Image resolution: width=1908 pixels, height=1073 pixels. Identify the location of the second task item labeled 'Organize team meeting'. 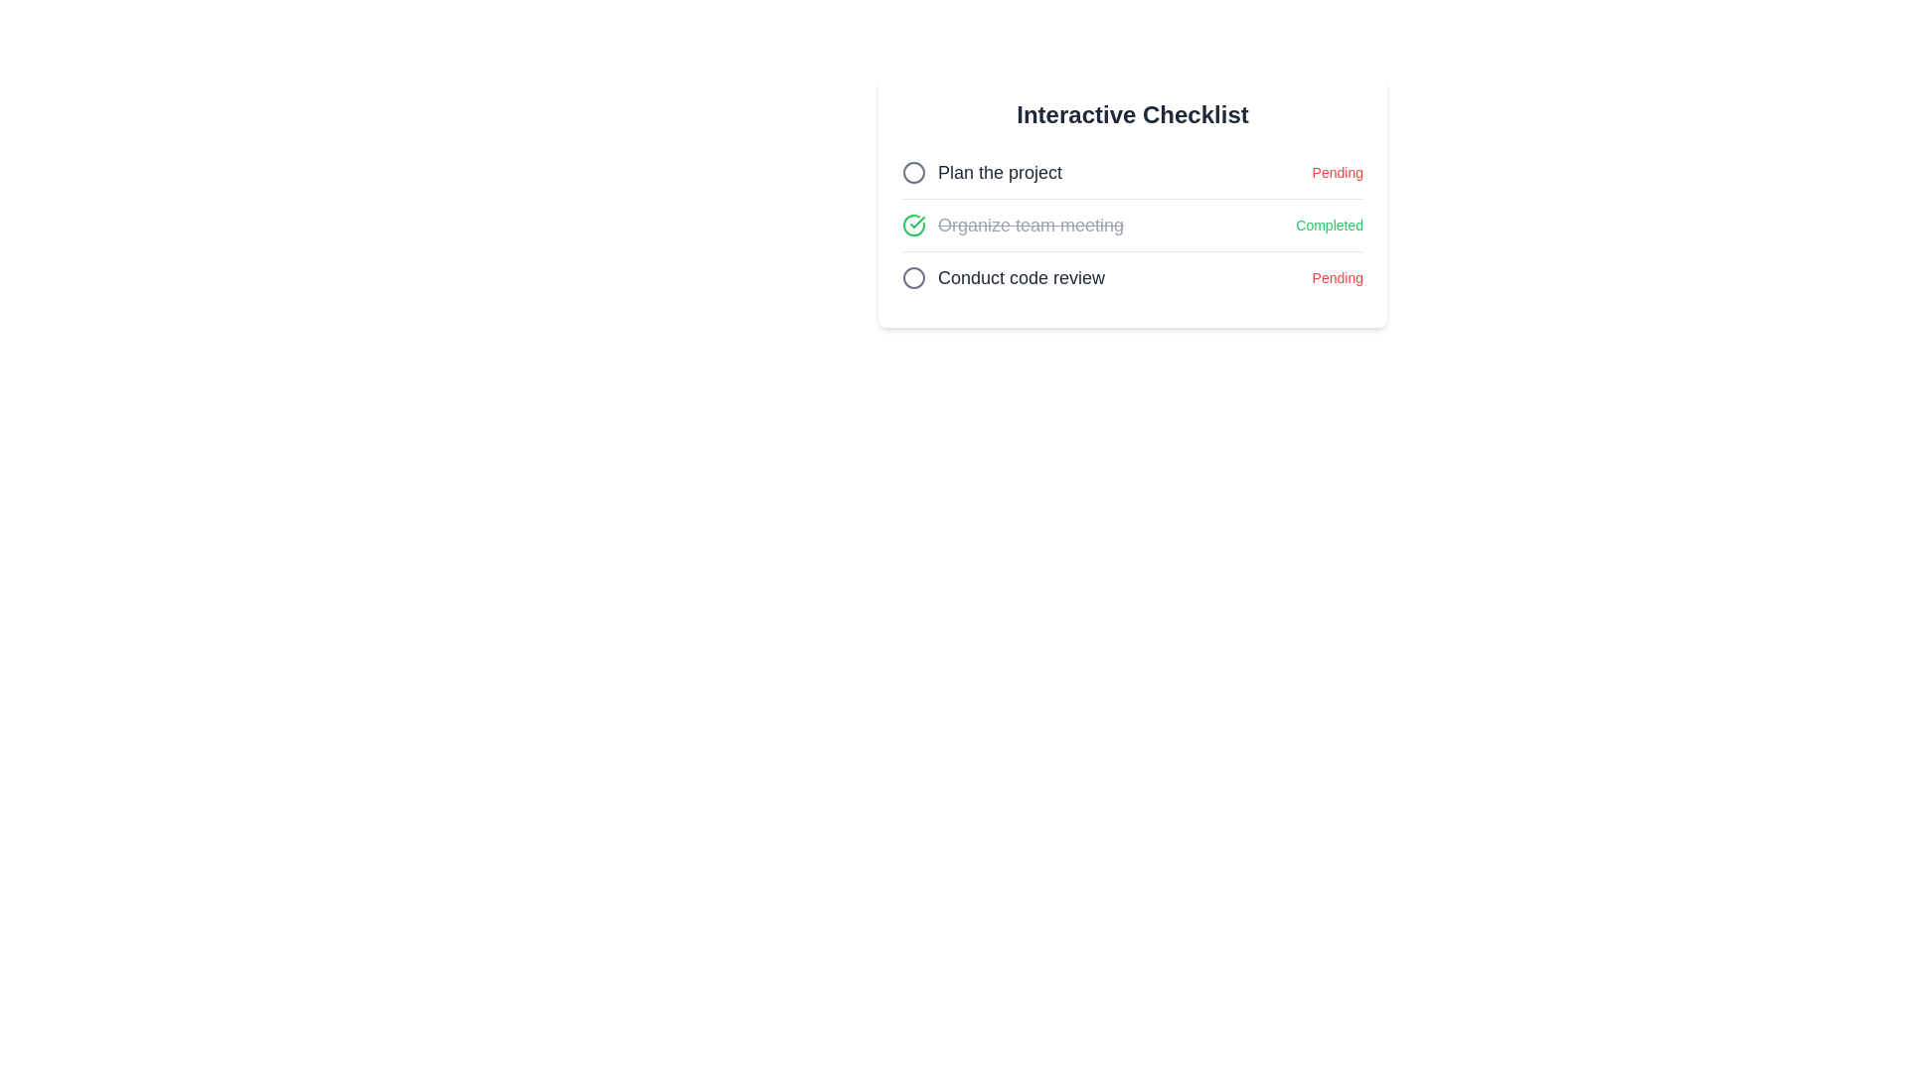
(1133, 225).